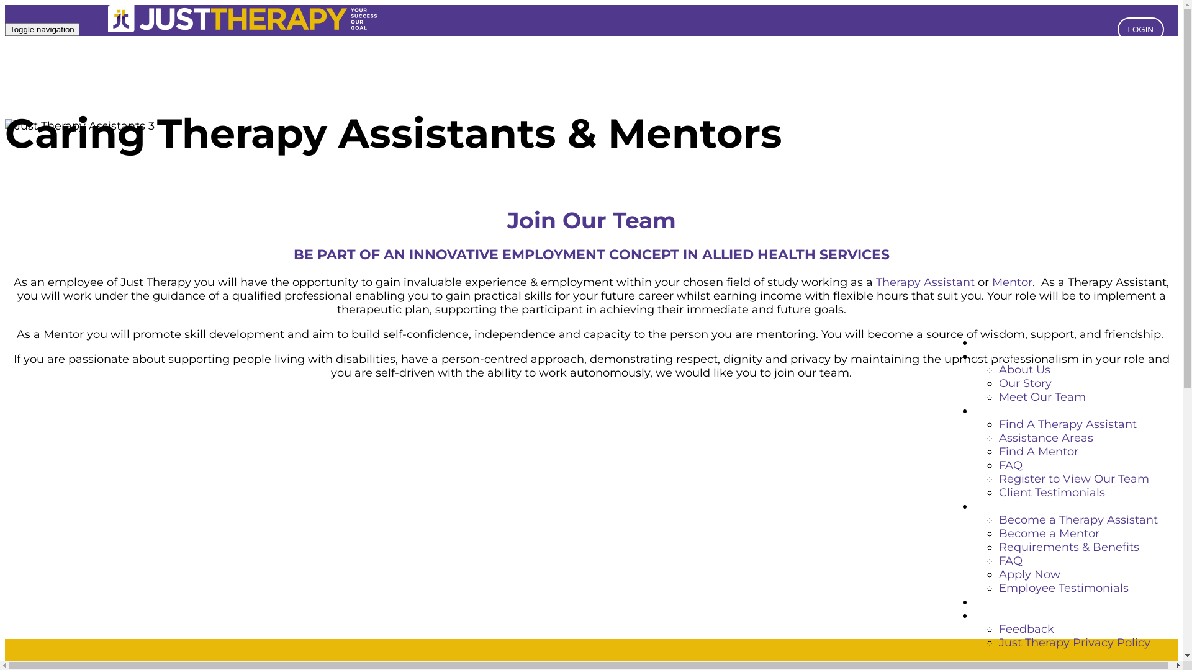  Describe the element at coordinates (1078, 519) in the screenshot. I see `'Become a Therapy Assistant'` at that location.